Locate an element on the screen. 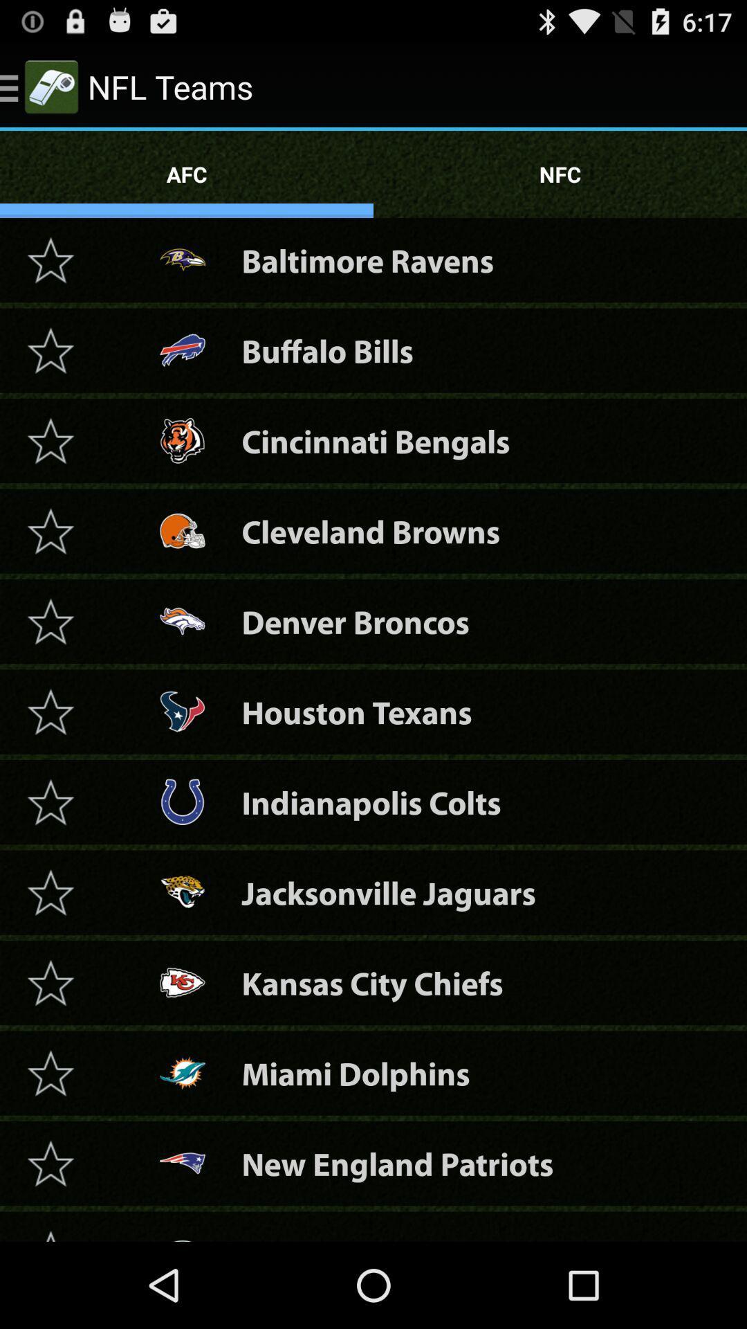  to favorits is located at coordinates (50, 1072).